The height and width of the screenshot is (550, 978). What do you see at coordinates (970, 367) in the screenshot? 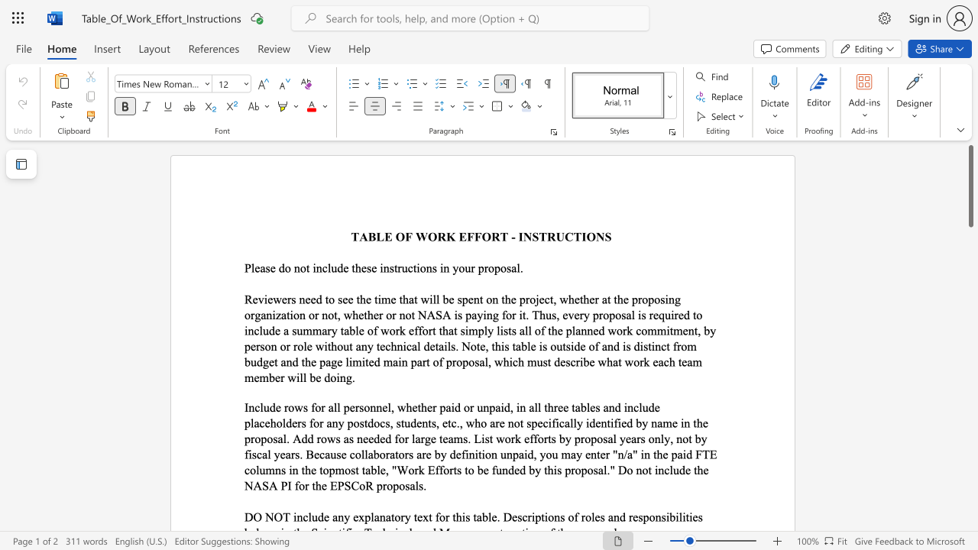
I see `the scrollbar on the right to move the page downward` at bounding box center [970, 367].